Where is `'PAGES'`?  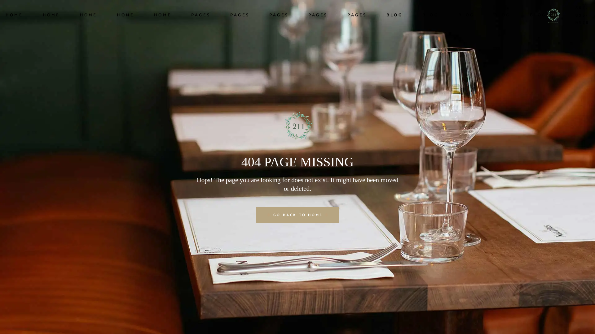 'PAGES' is located at coordinates (239, 15).